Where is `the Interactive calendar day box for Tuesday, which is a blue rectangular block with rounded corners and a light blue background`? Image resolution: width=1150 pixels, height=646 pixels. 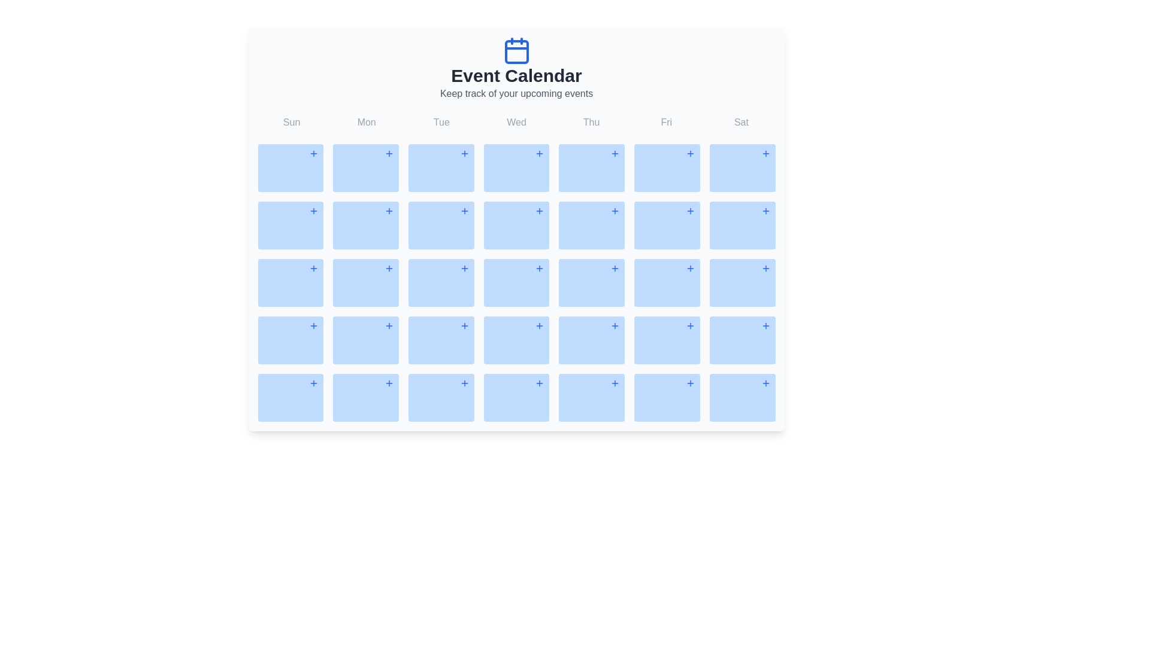
the Interactive calendar day box for Tuesday, which is a blue rectangular block with rounded corners and a light blue background is located at coordinates (440, 226).